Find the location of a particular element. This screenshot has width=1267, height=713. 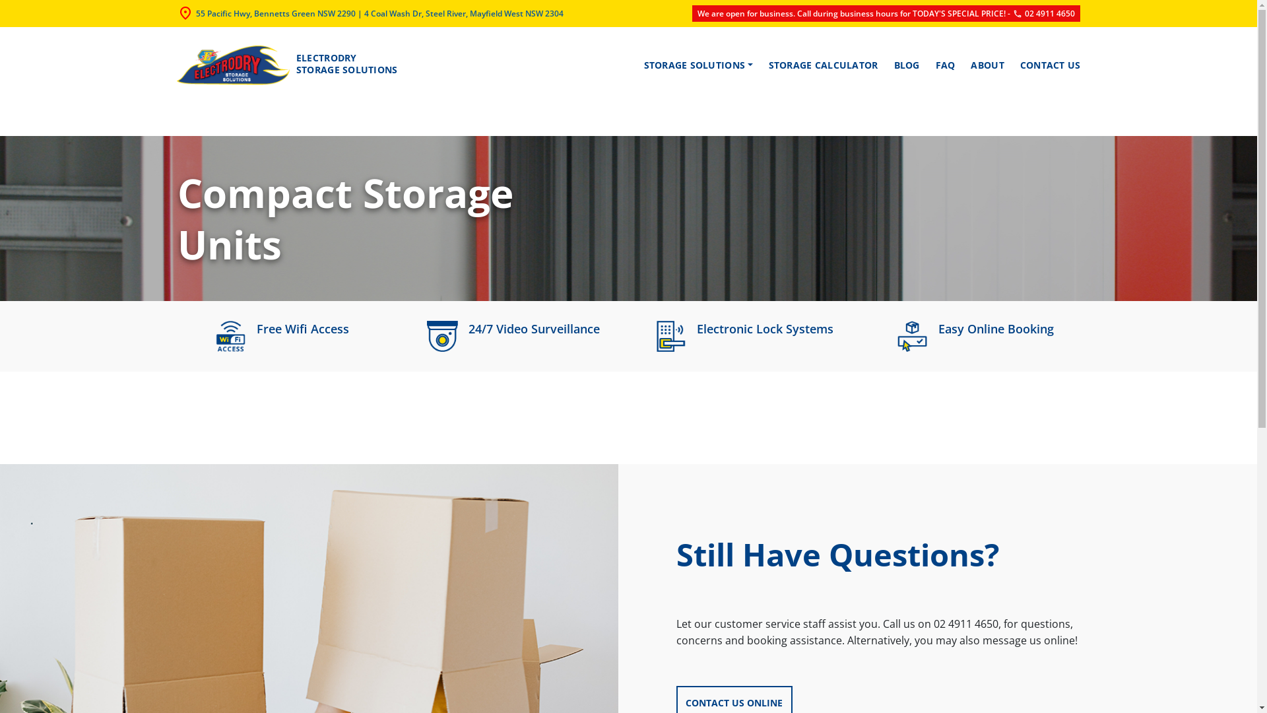

'4 Coal Wash Dr, Steel River, Mayfield West NSW 2304' is located at coordinates (463, 13).